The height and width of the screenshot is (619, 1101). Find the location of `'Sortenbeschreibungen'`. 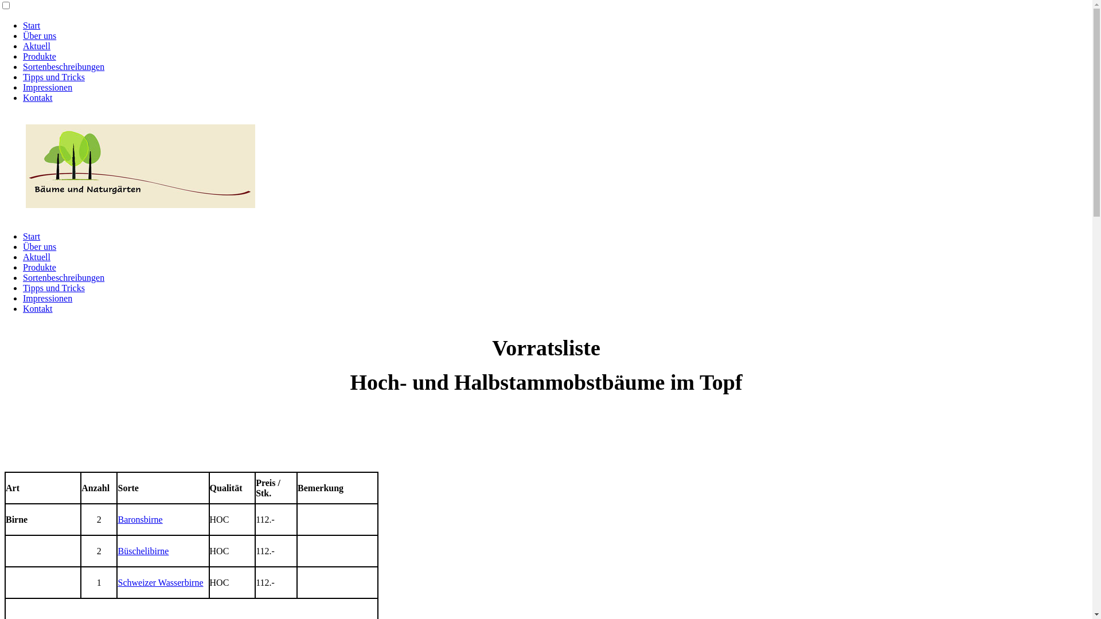

'Sortenbeschreibungen' is located at coordinates (63, 277).